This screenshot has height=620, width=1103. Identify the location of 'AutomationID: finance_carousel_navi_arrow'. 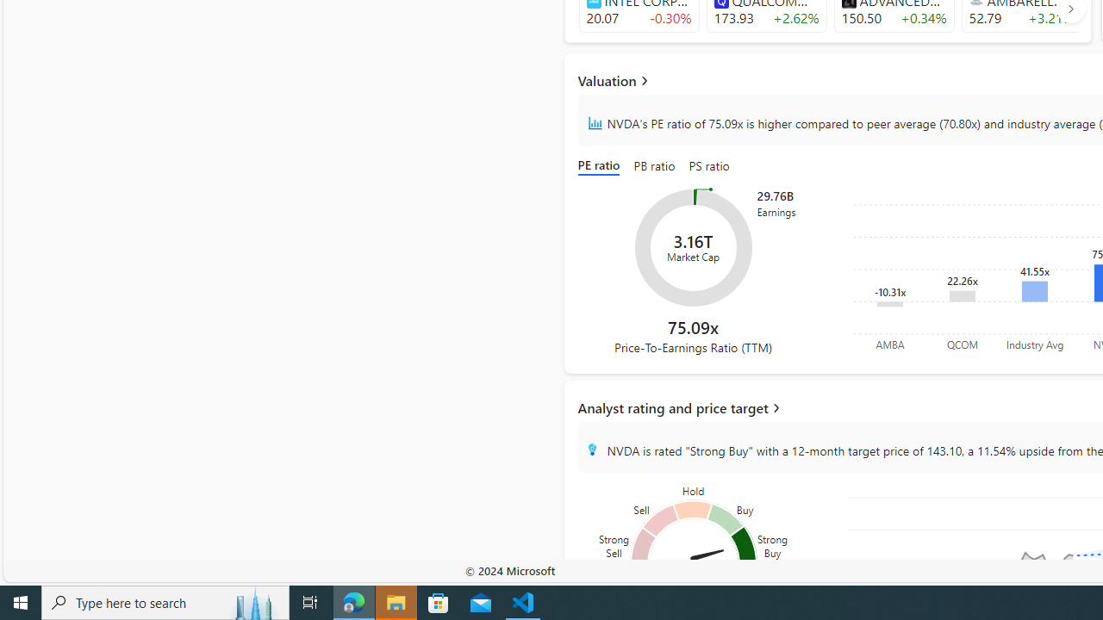
(1069, 9).